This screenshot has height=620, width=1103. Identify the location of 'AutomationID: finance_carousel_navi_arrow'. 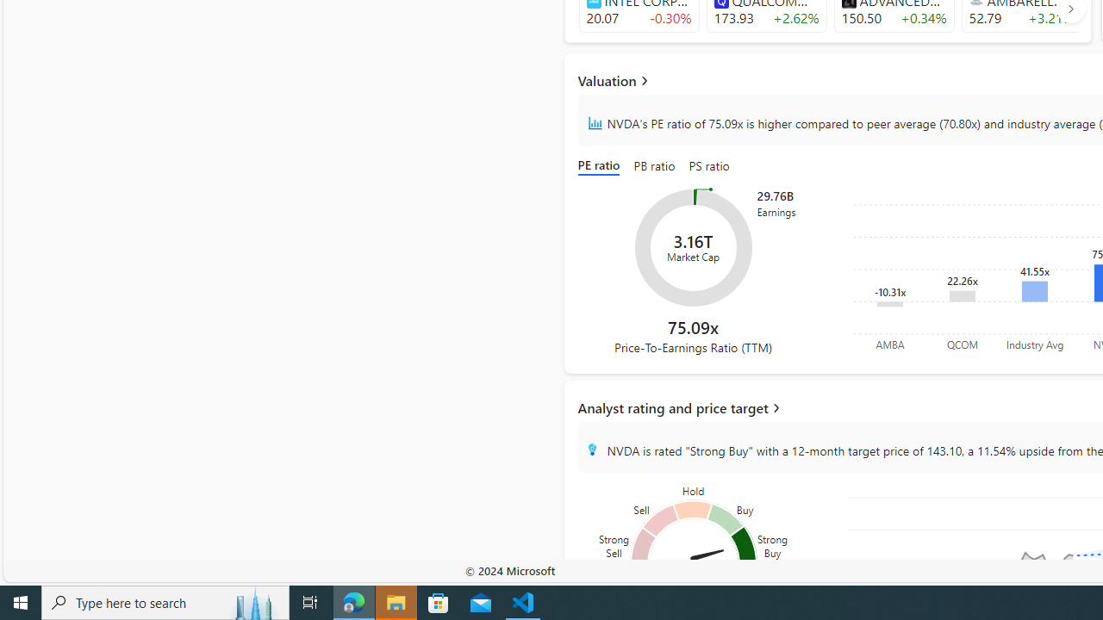
(1069, 9).